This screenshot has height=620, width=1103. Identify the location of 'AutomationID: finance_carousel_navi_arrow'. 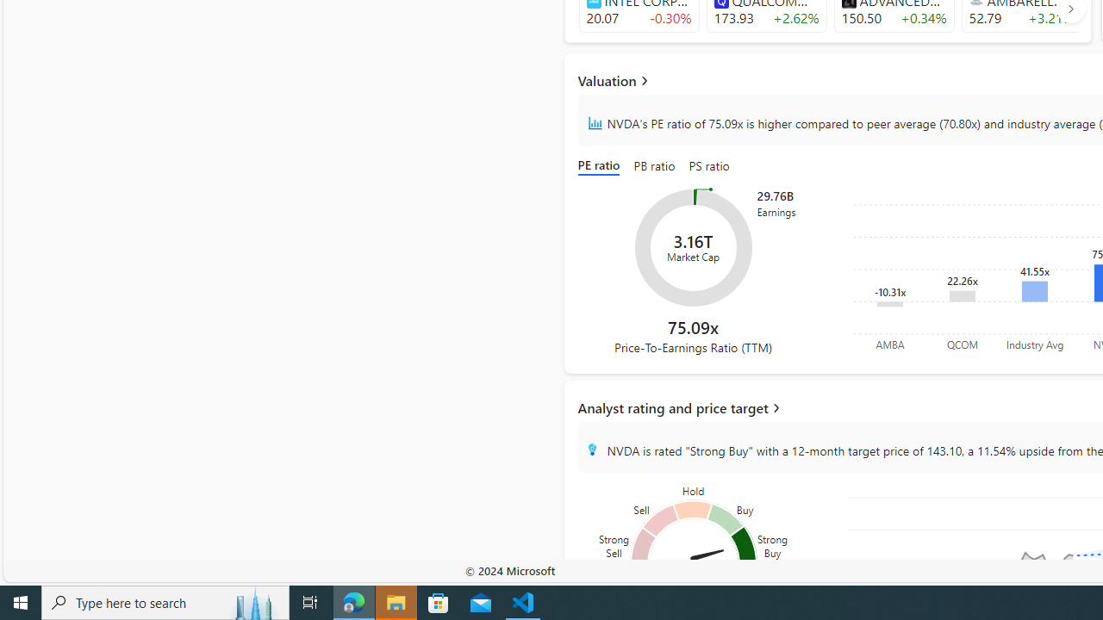
(1069, 9).